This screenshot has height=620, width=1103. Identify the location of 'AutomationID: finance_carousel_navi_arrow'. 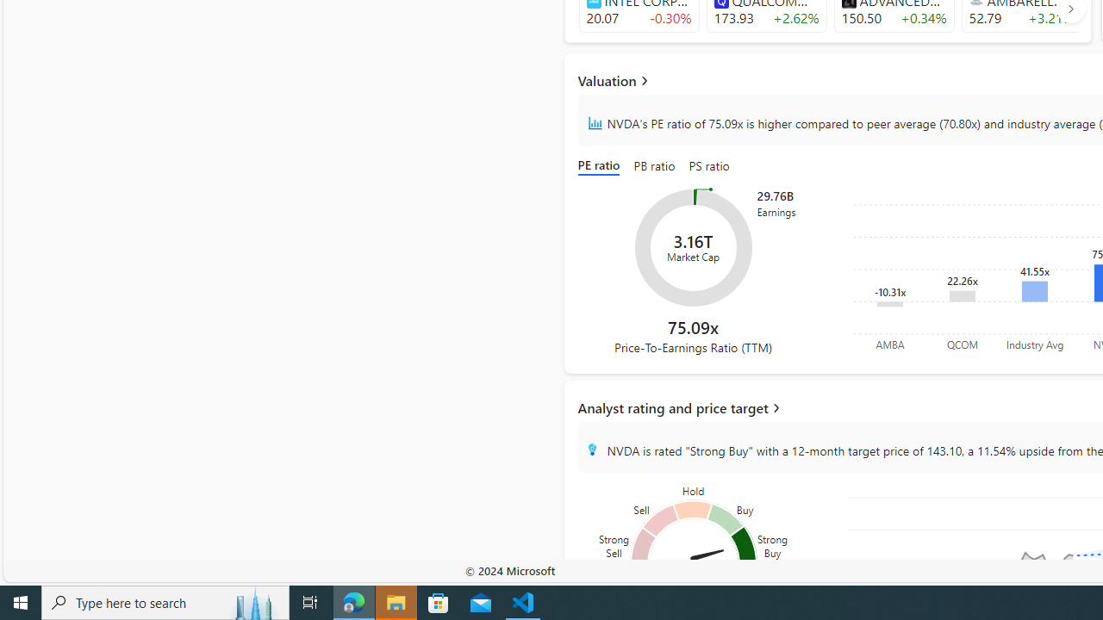
(1069, 9).